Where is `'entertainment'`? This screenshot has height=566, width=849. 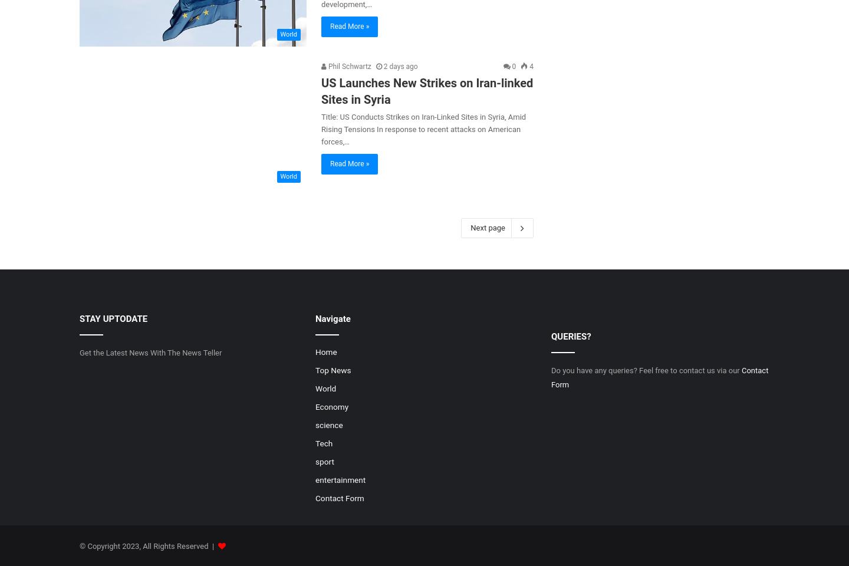 'entertainment' is located at coordinates (340, 479).